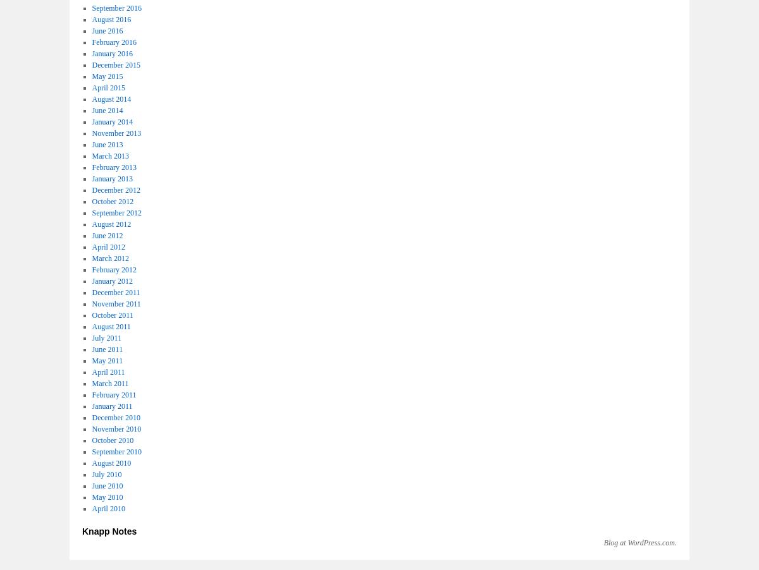 Image resolution: width=759 pixels, height=570 pixels. Describe the element at coordinates (111, 281) in the screenshot. I see `'January 2012'` at that location.